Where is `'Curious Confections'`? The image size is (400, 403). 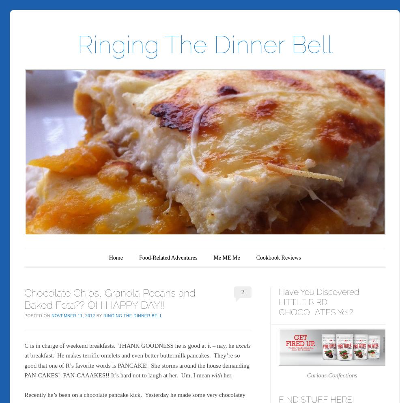 'Curious Confections' is located at coordinates (306, 374).